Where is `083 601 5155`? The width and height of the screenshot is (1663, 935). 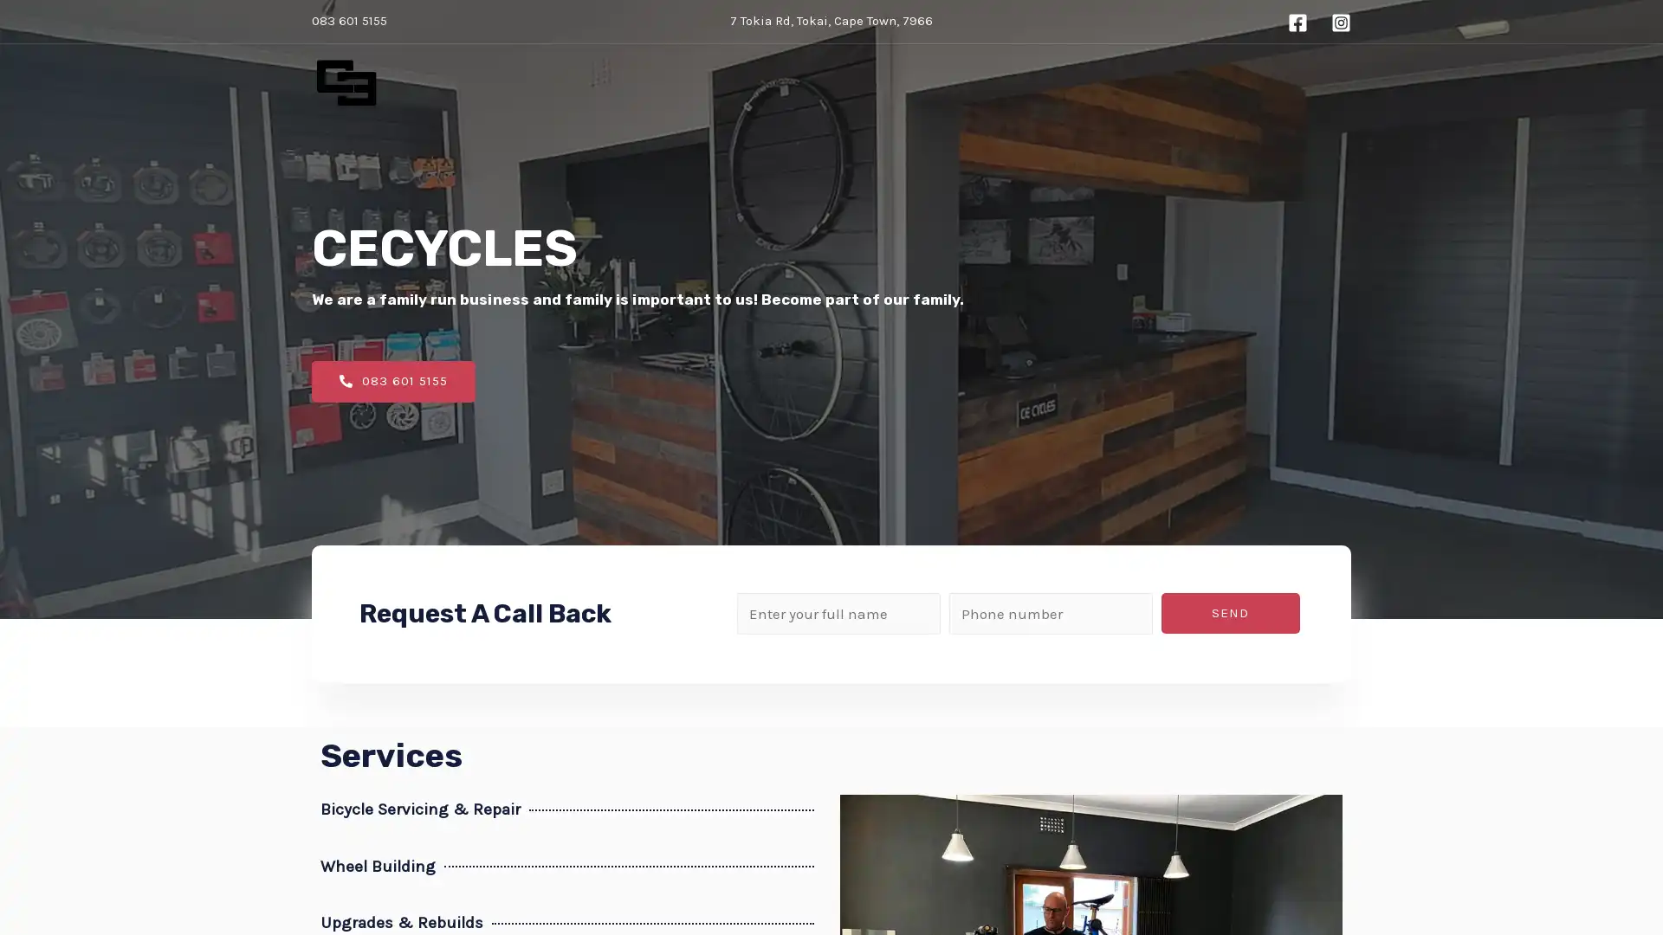
083 601 5155 is located at coordinates (392, 380).